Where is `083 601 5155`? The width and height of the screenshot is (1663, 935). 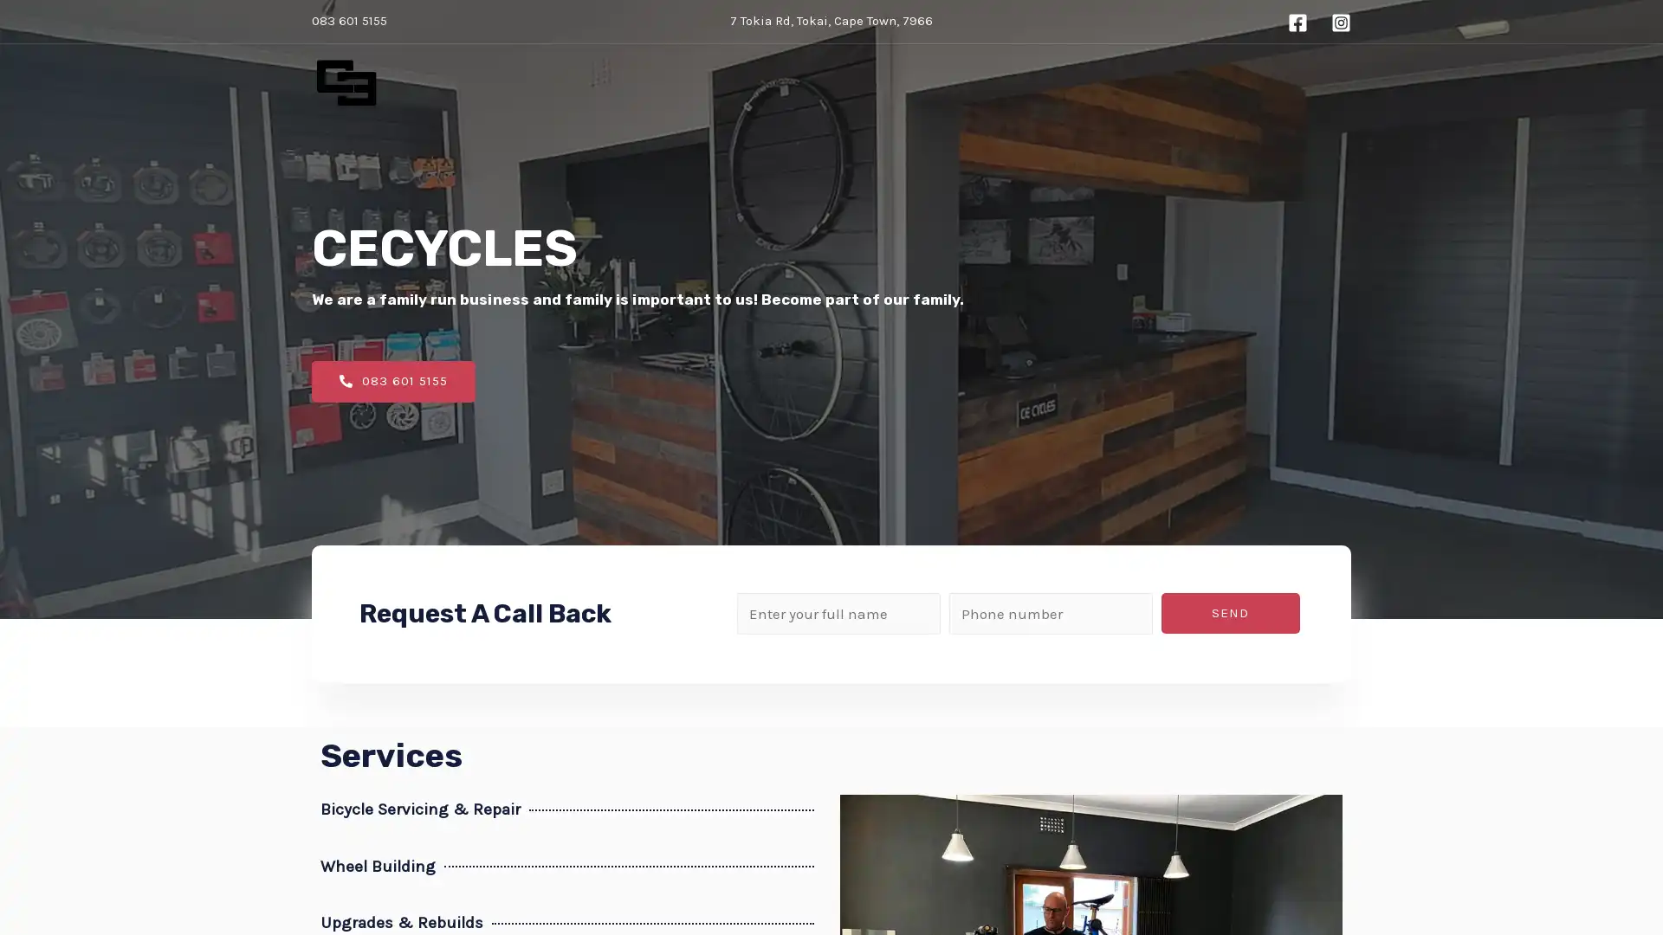
083 601 5155 is located at coordinates (392, 380).